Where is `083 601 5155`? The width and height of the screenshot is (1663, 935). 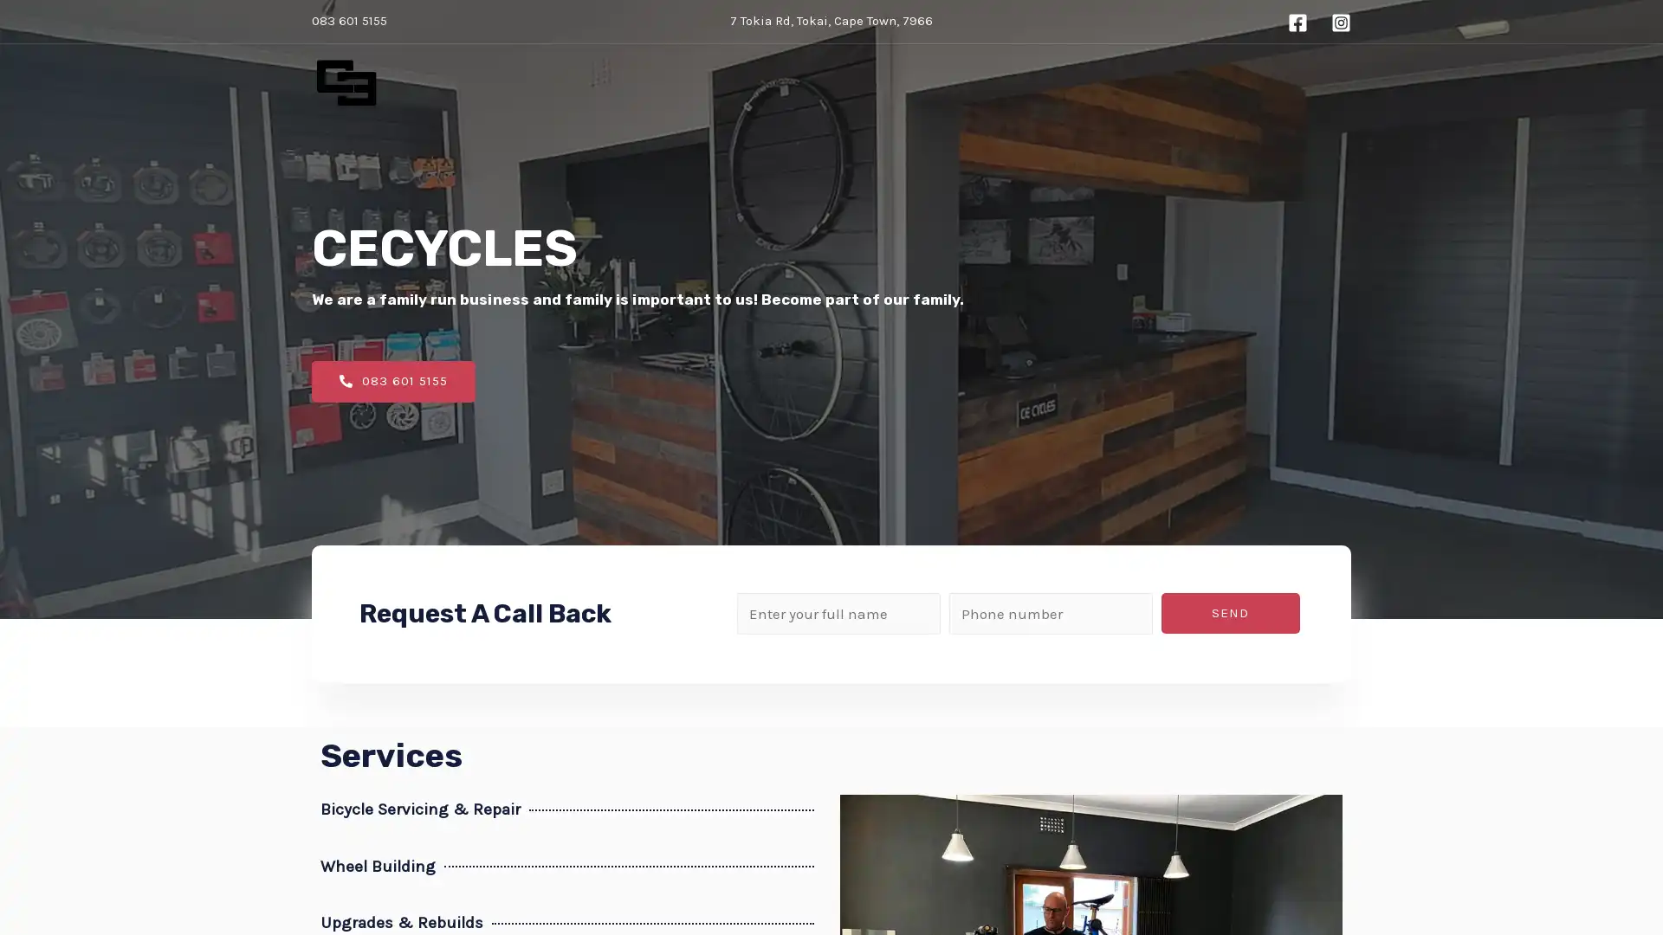
083 601 5155 is located at coordinates (392, 380).